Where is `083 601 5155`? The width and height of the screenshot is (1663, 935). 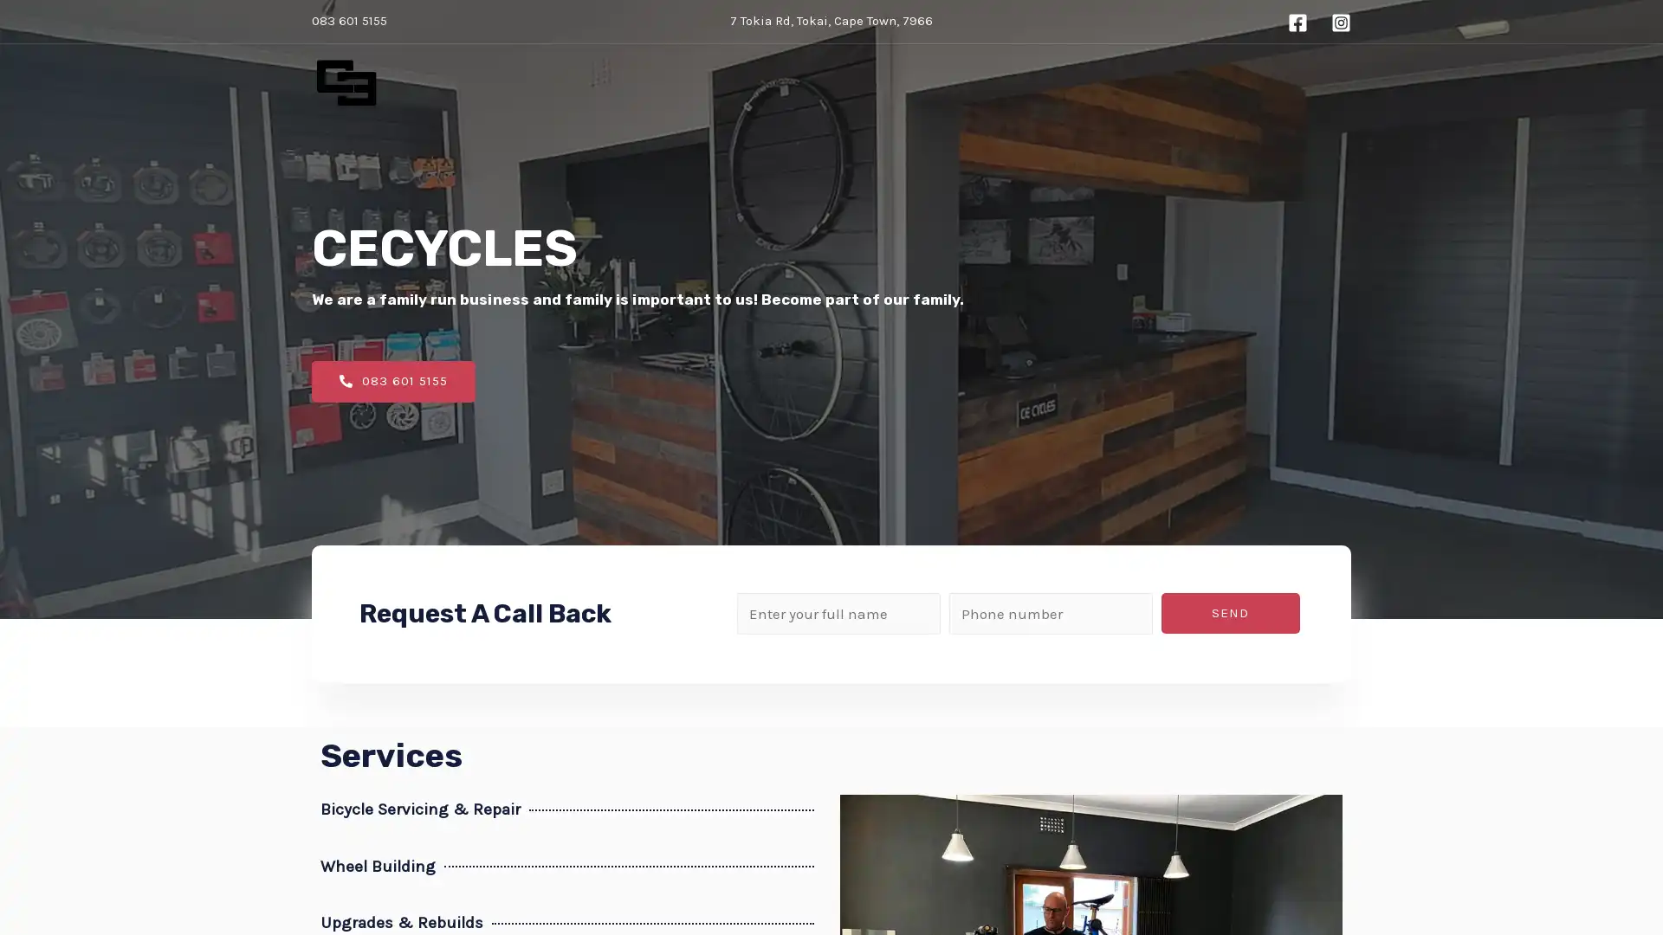
083 601 5155 is located at coordinates (392, 380).